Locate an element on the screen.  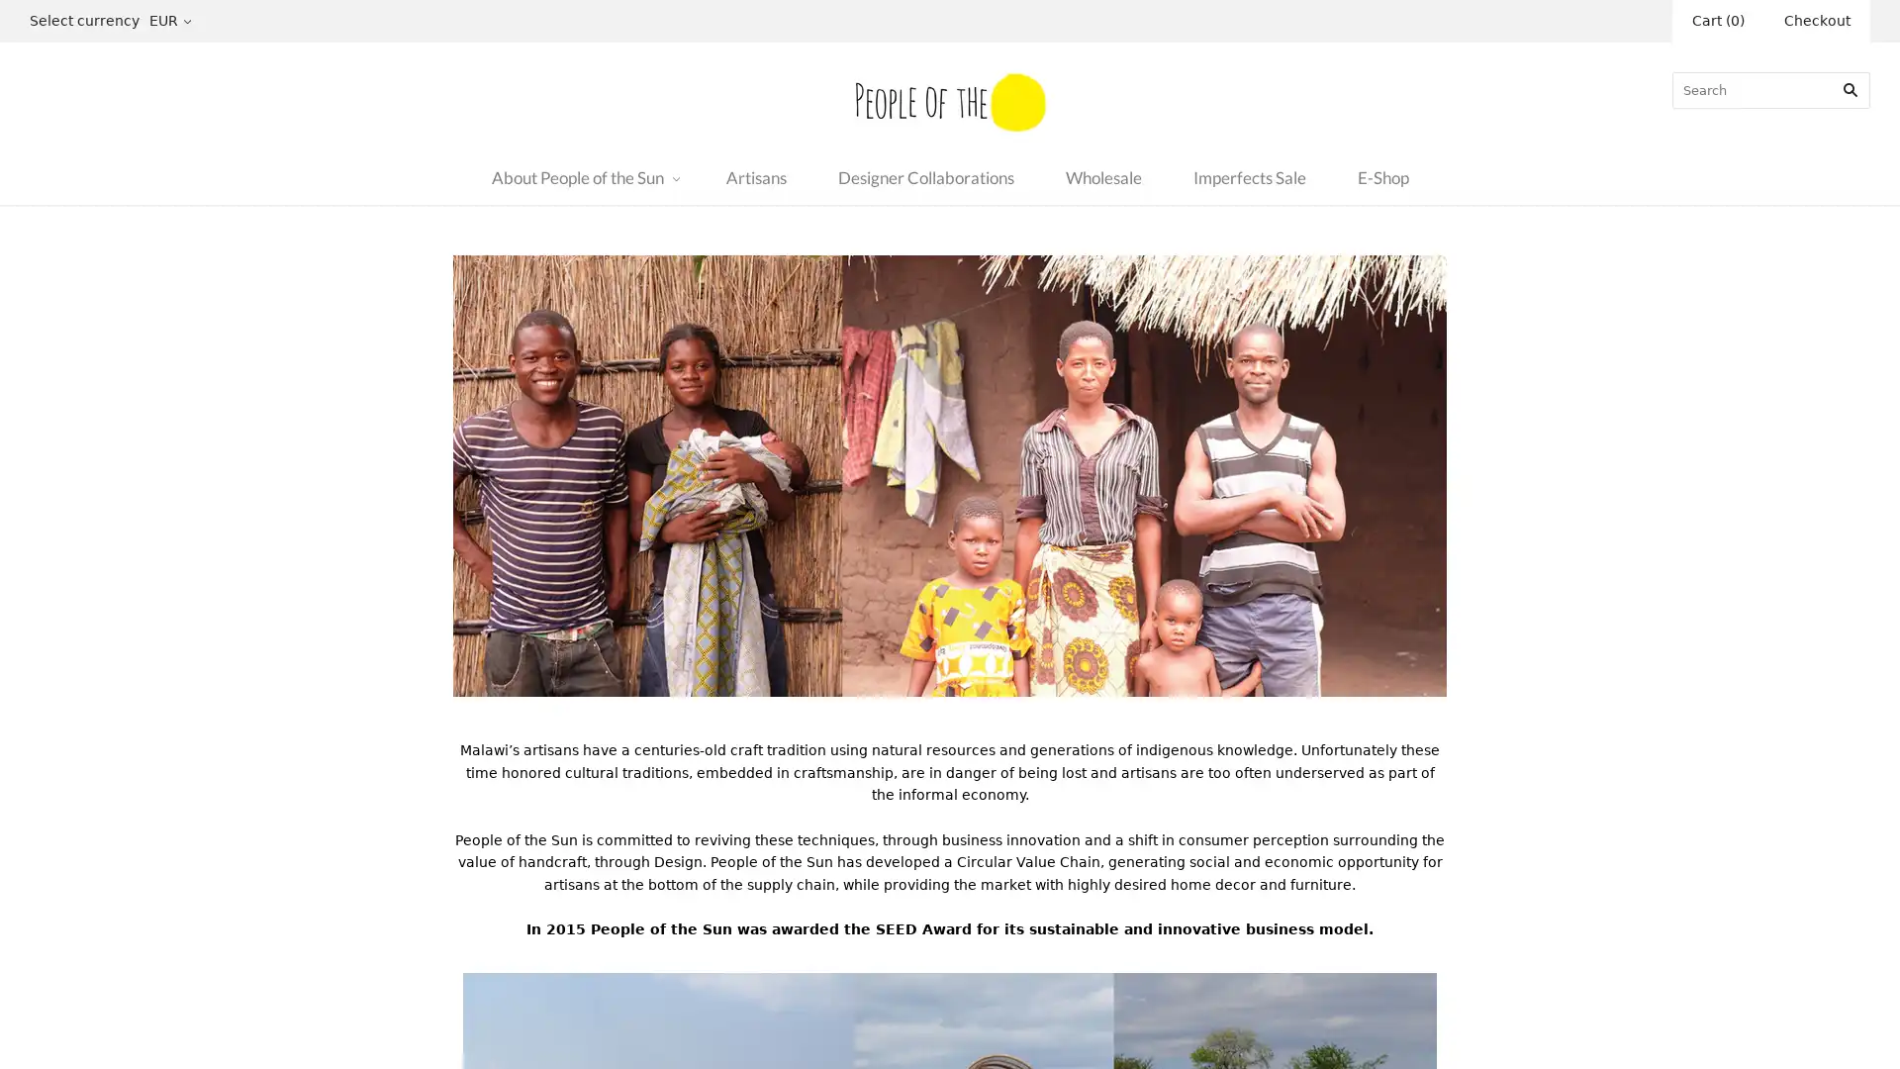
Search is located at coordinates (1850, 89).